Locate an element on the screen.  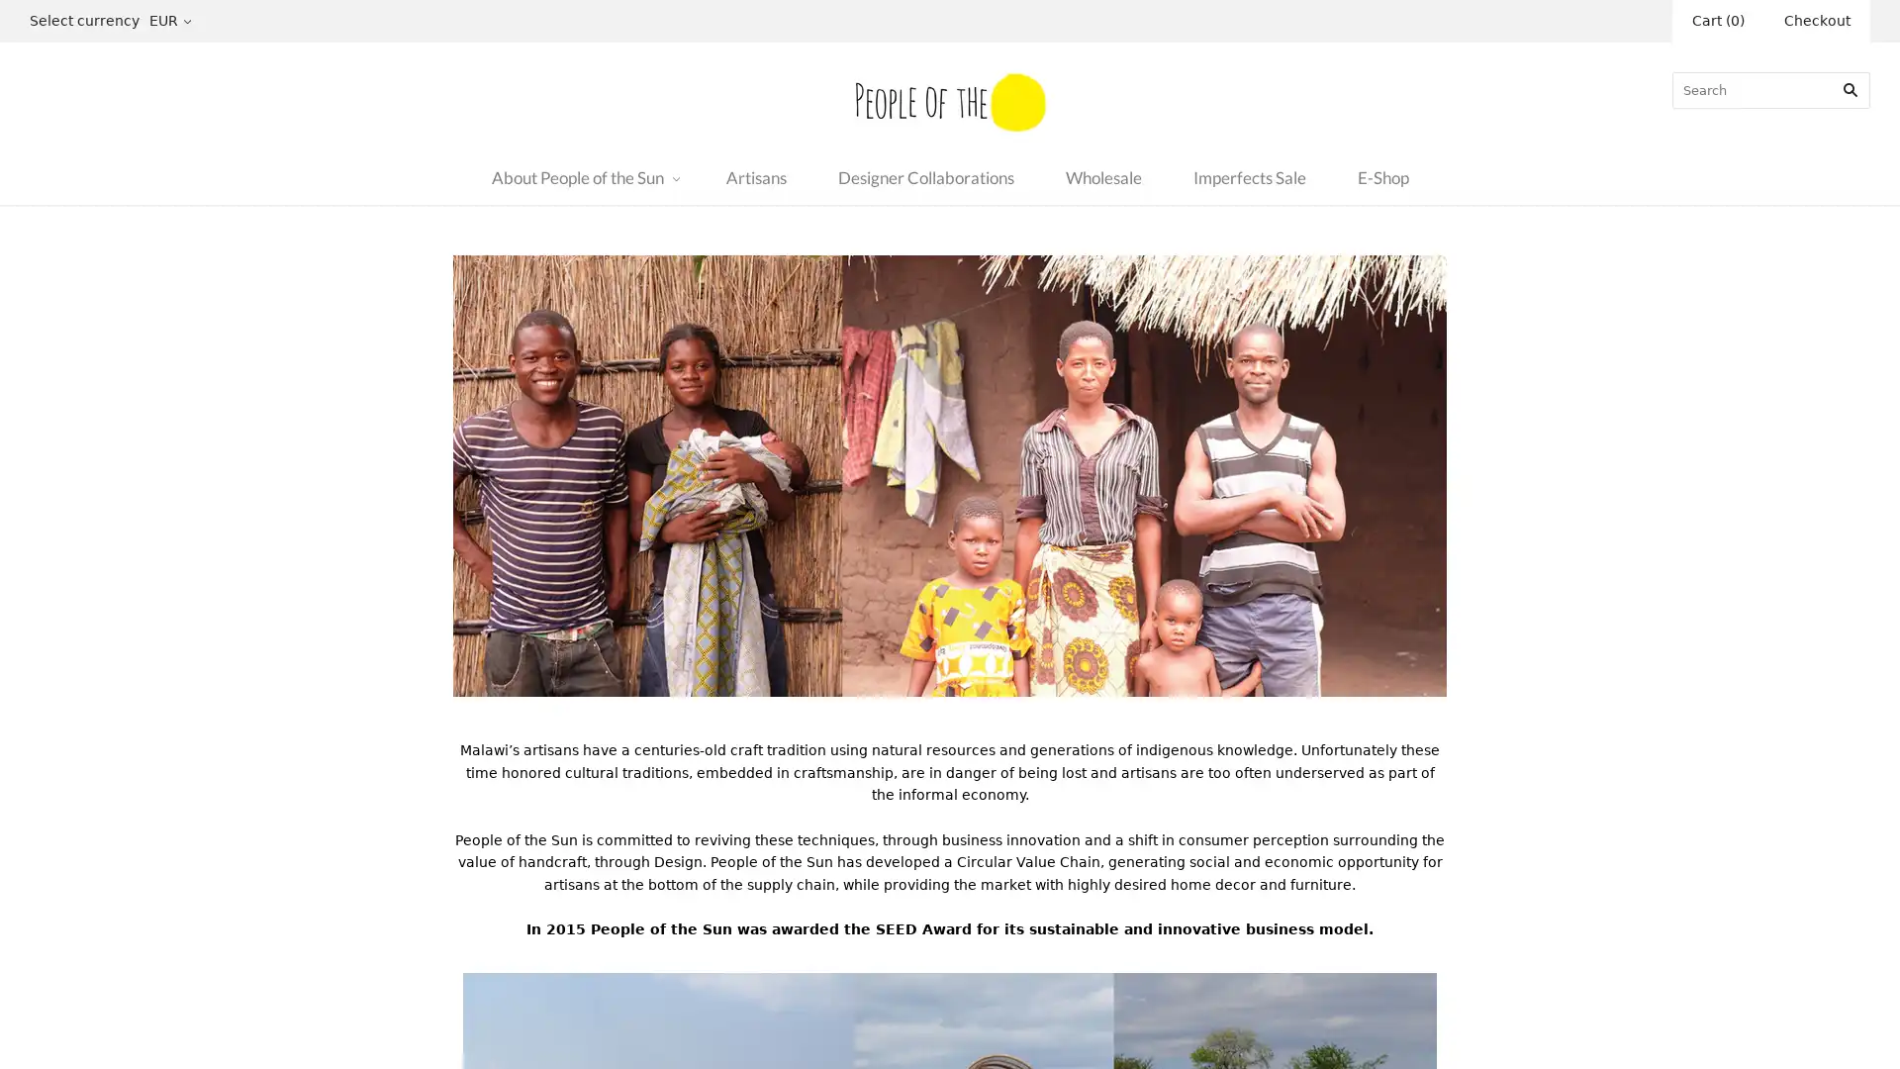
Search is located at coordinates (1850, 89).